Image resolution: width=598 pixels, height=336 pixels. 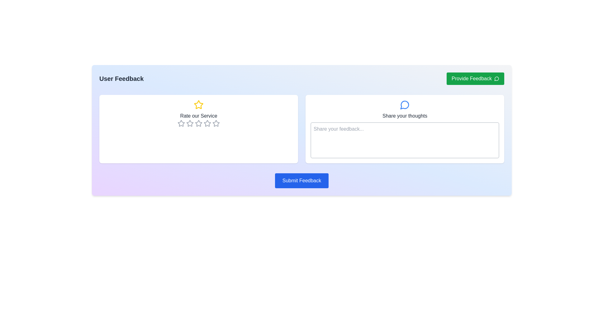 I want to click on the decorative icon located centrally above the text area in the 'Share your thoughts' section, so click(x=405, y=104).